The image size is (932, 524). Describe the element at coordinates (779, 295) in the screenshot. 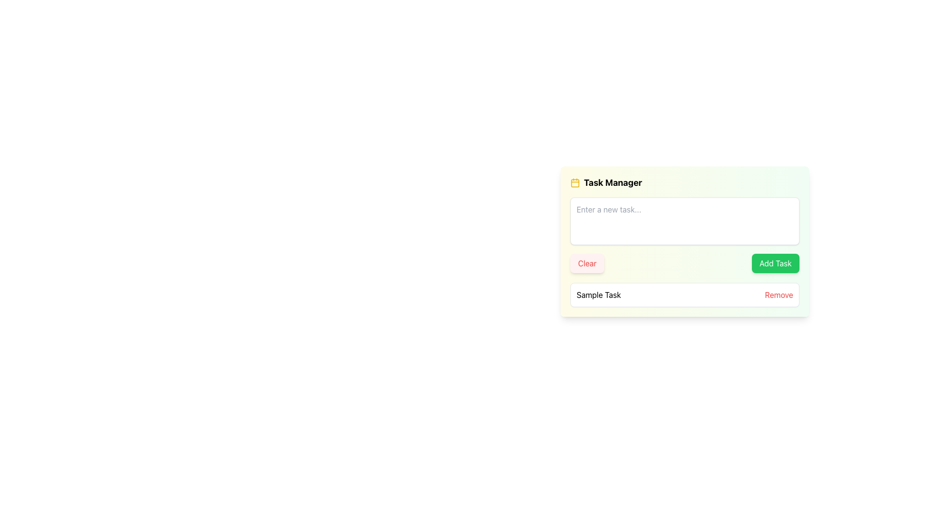

I see `the 'Remove' button, which is styled in bold red font and located to the far right of the 'Sample Task' item, to observe visual feedback` at that location.